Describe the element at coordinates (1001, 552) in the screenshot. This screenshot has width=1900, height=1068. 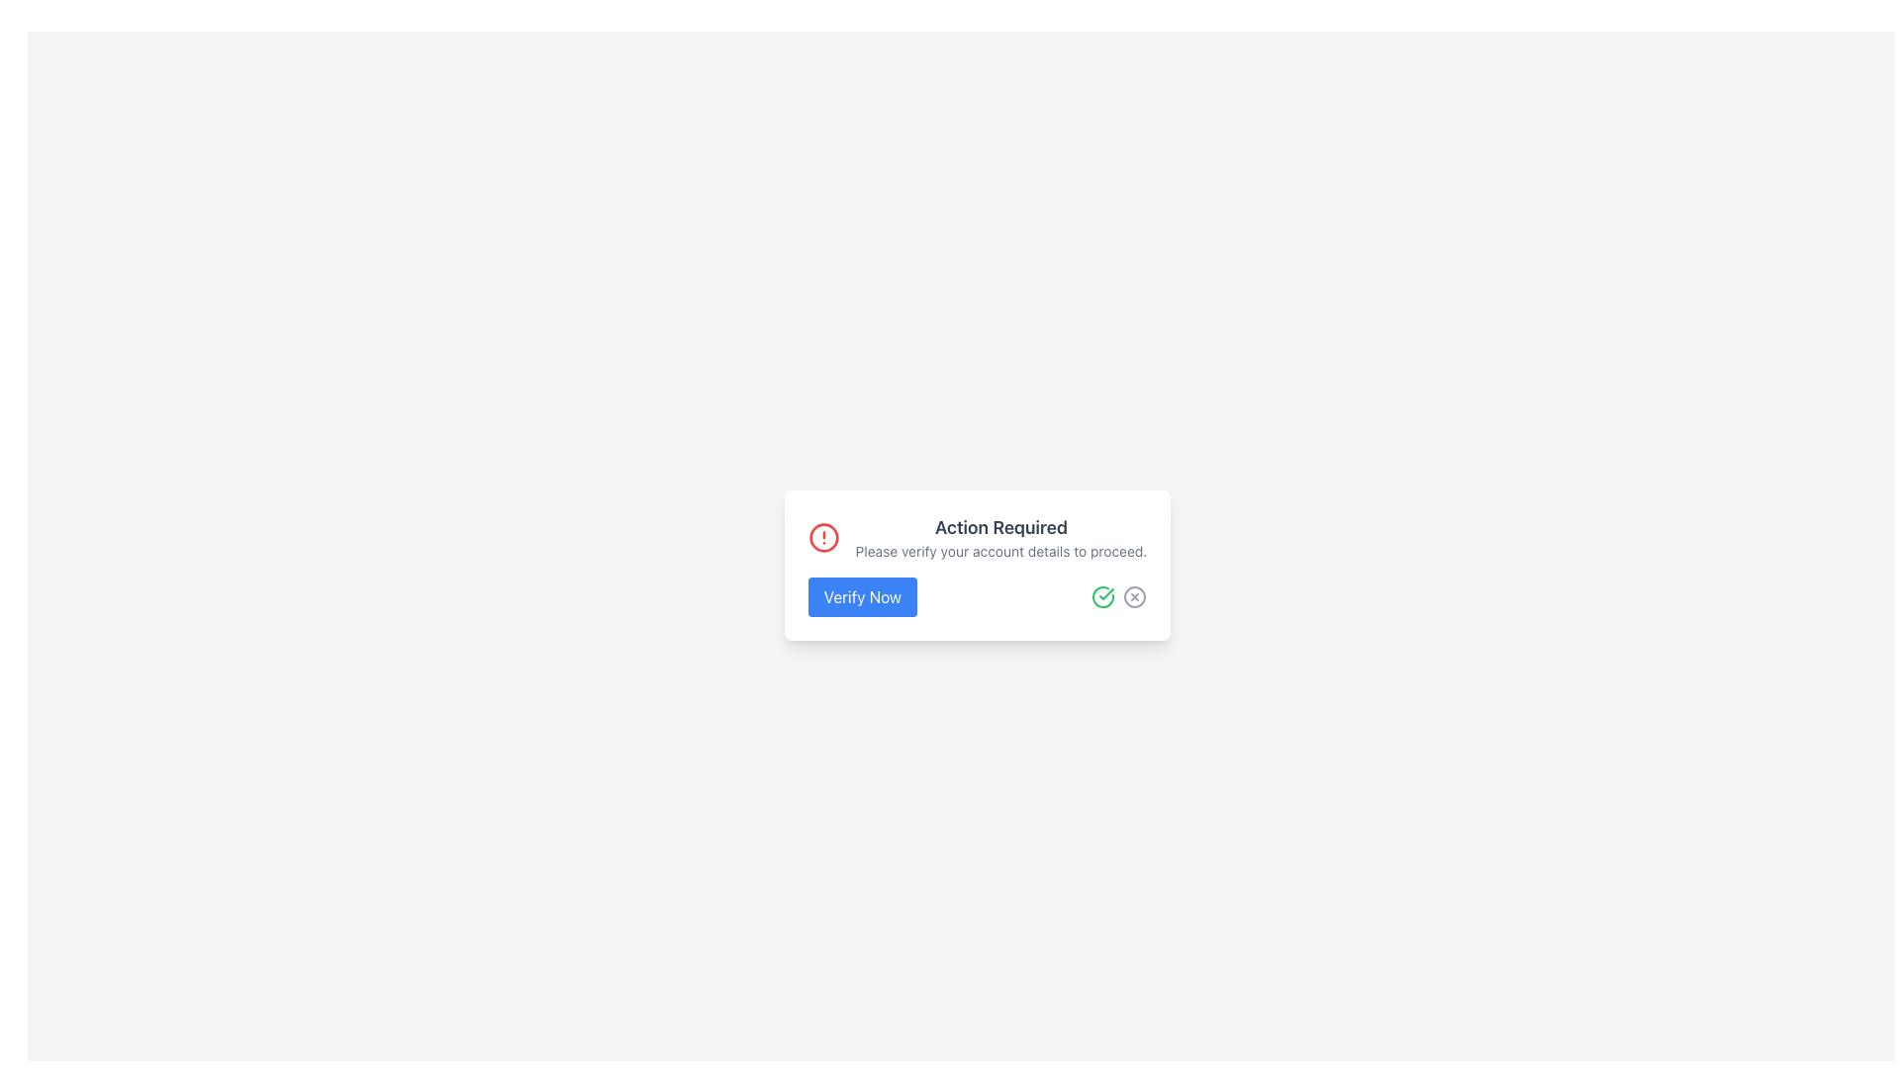
I see `the text block that reads 'Please verify your account details to proceed.' located below the 'Action Required' title in the modal dialog` at that location.